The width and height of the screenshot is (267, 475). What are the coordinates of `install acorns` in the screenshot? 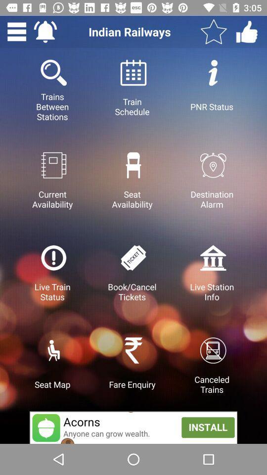 It's located at (133, 427).